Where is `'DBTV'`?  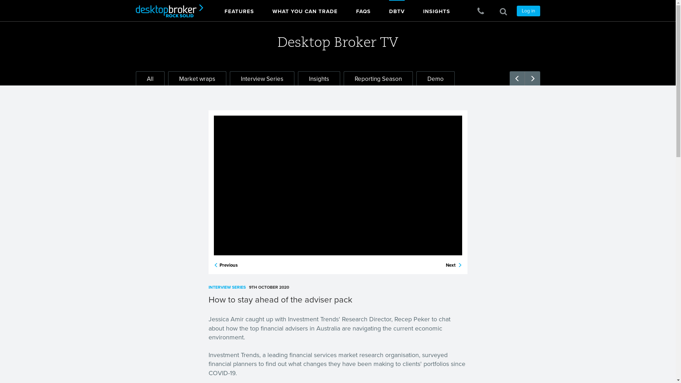
'DBTV' is located at coordinates (396, 10).